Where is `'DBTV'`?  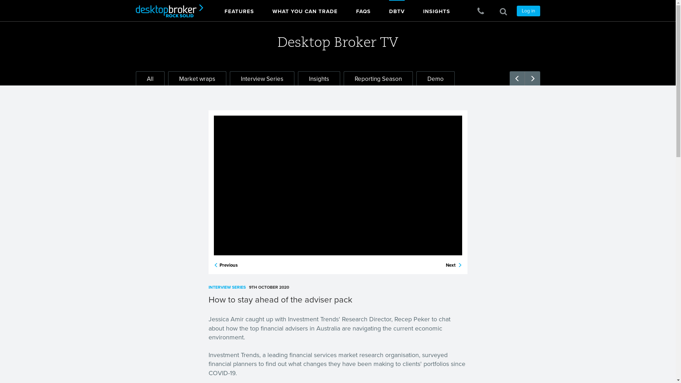
'DBTV' is located at coordinates (396, 10).